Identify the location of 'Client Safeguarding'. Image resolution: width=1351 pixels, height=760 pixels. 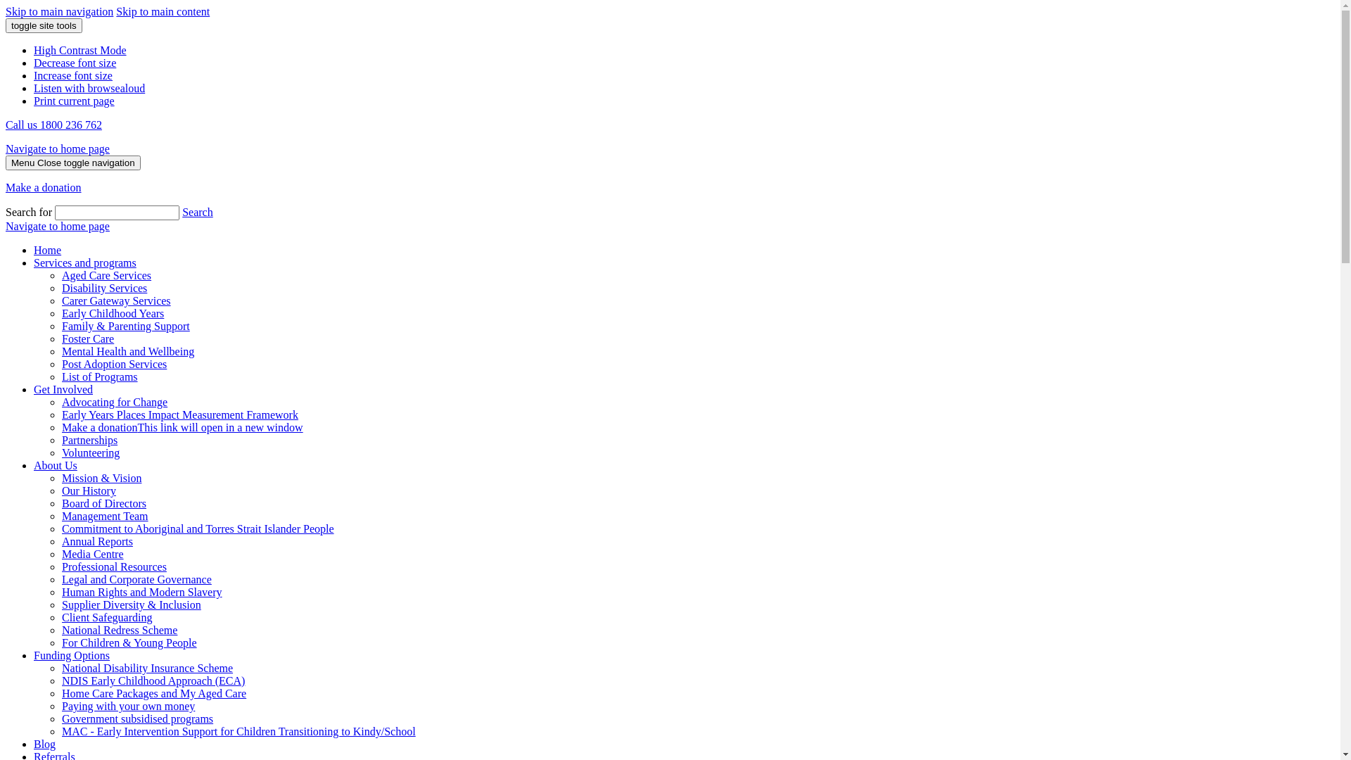
(106, 616).